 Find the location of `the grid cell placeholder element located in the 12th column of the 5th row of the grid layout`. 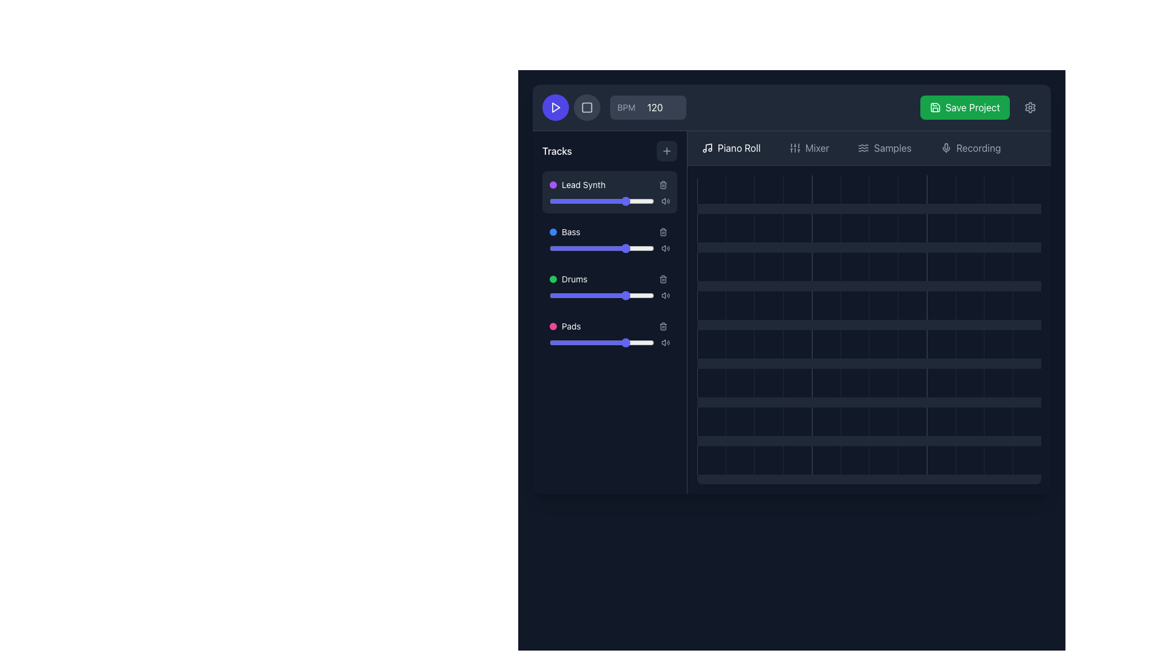

the grid cell placeholder element located in the 12th column of the 5th row of the grid layout is located at coordinates (998, 228).